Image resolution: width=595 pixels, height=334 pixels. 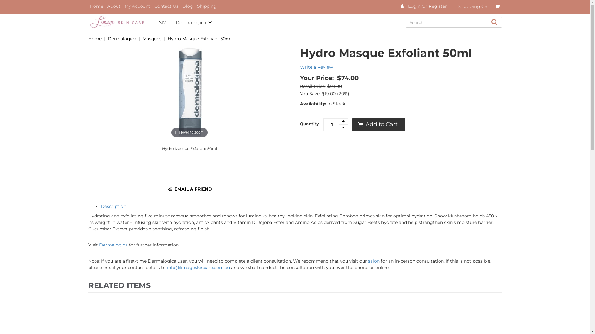 I want to click on 'About', so click(x=114, y=6).